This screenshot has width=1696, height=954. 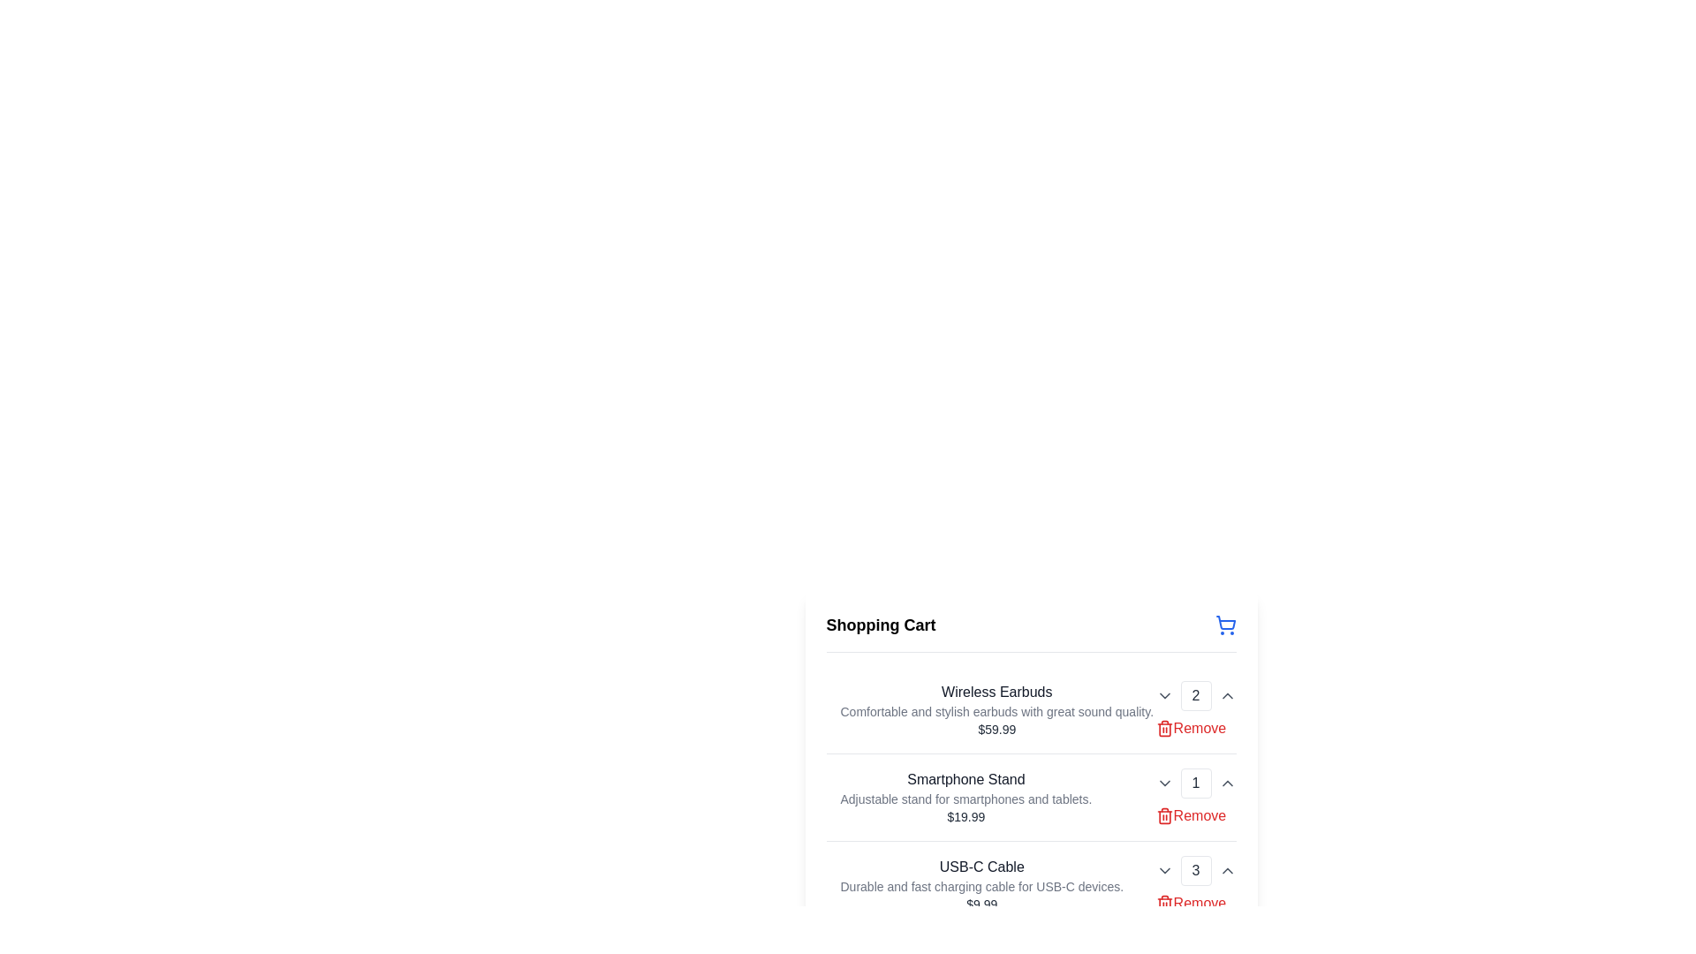 What do you see at coordinates (980, 885) in the screenshot?
I see `details of the product displayed in the informational element titled 'USB-C Cable', which includes its description and price` at bounding box center [980, 885].